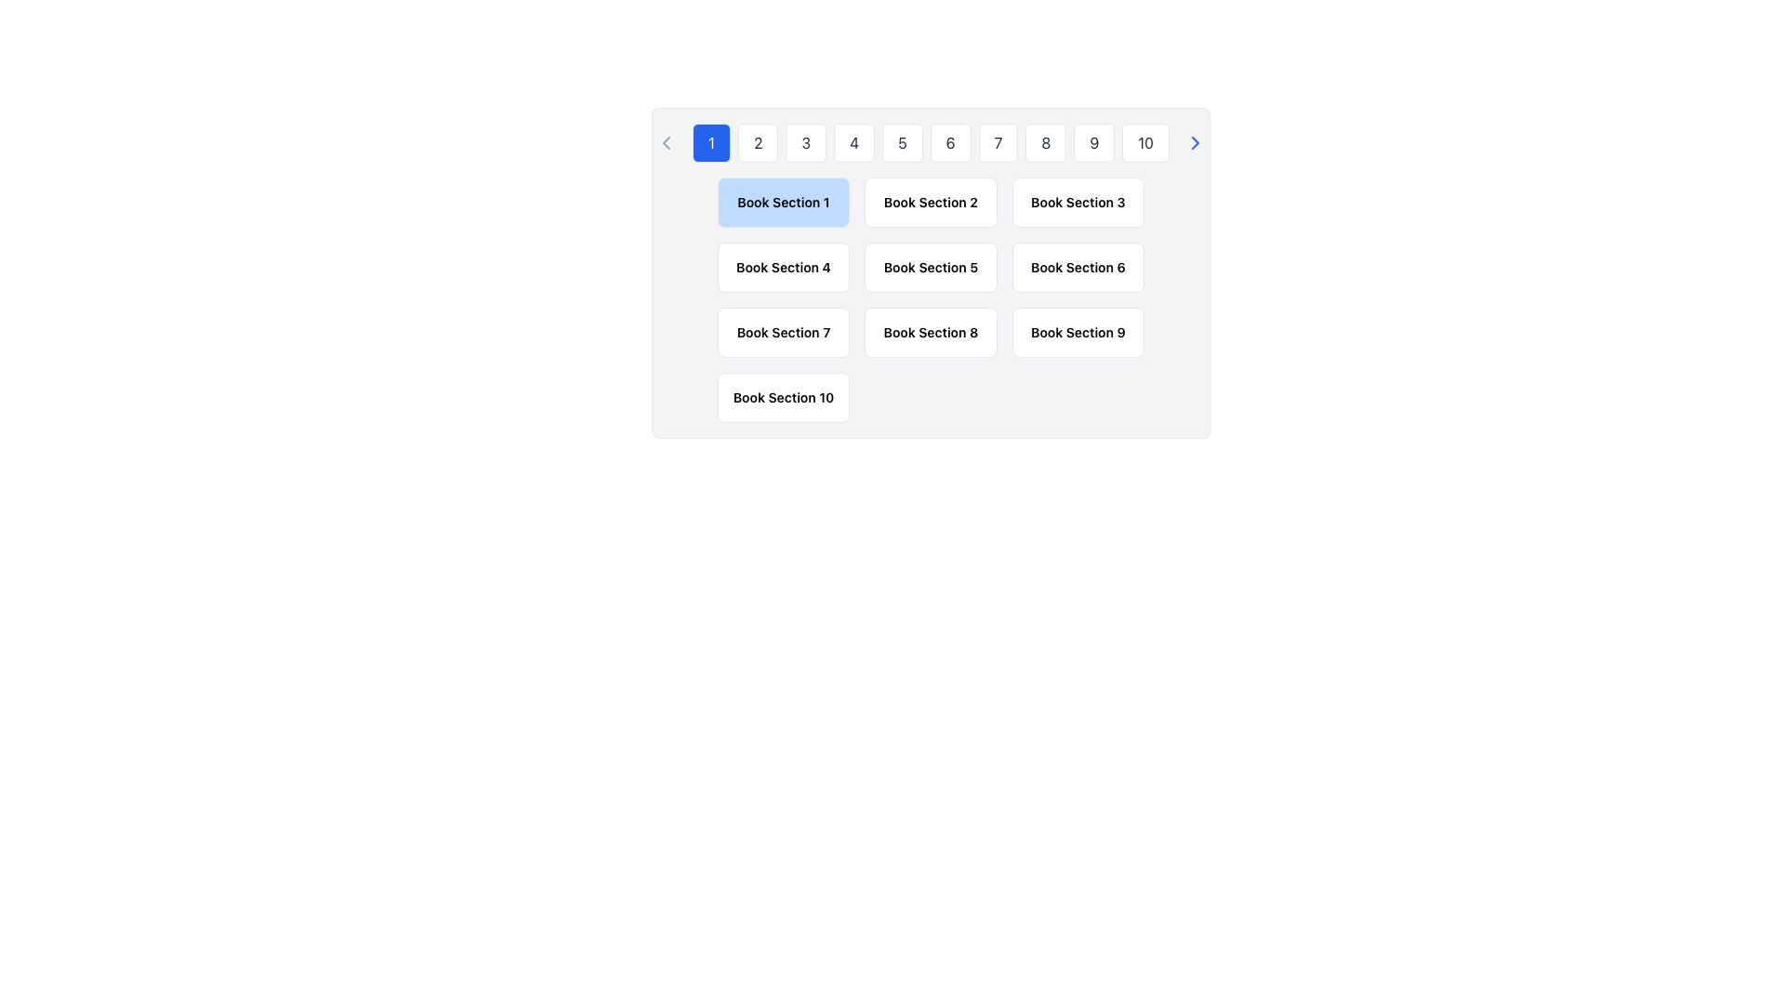 This screenshot has width=1785, height=1004. I want to click on the rectangular box with a blue background labeled 'Book Section 1', which is the top-left element in the grid layout of category indication boxes, so click(784, 203).